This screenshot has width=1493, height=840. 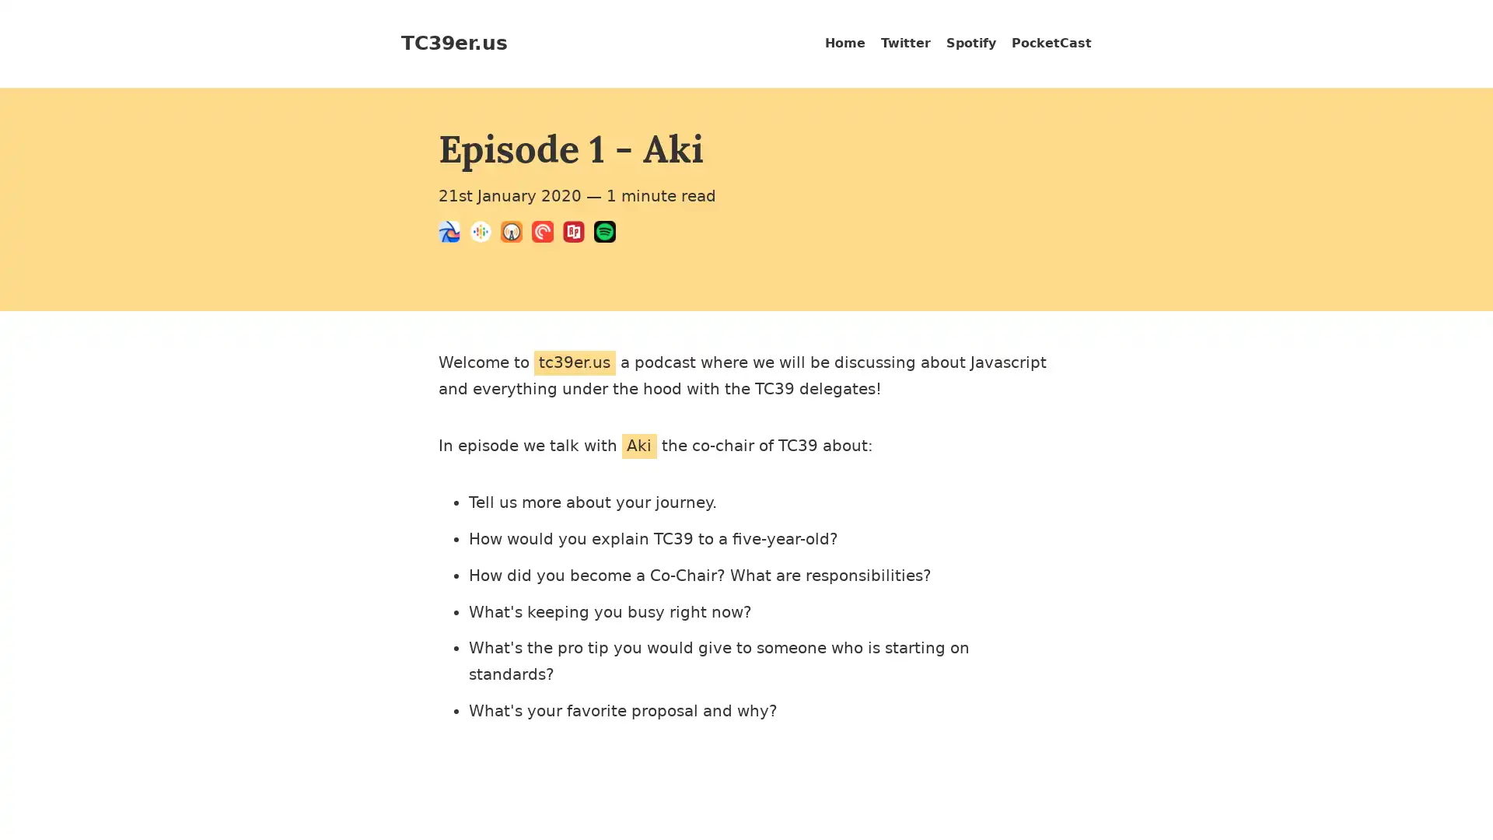 I want to click on Pocket Casts Logo, so click(x=547, y=234).